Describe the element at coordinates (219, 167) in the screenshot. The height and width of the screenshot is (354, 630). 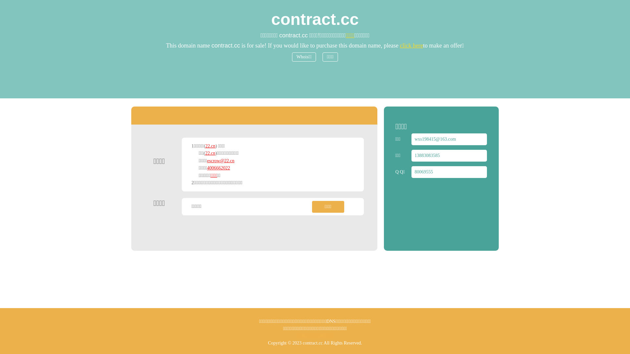
I see `'4006662022'` at that location.